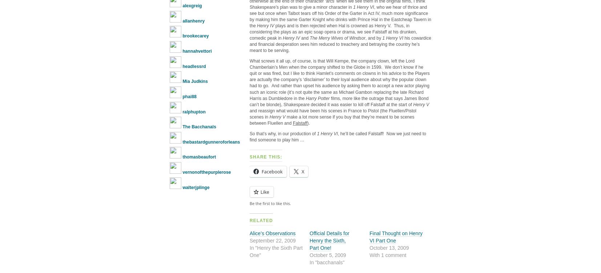  Describe the element at coordinates (250, 133) in the screenshot. I see `'So that’s why, in our production of'` at that location.